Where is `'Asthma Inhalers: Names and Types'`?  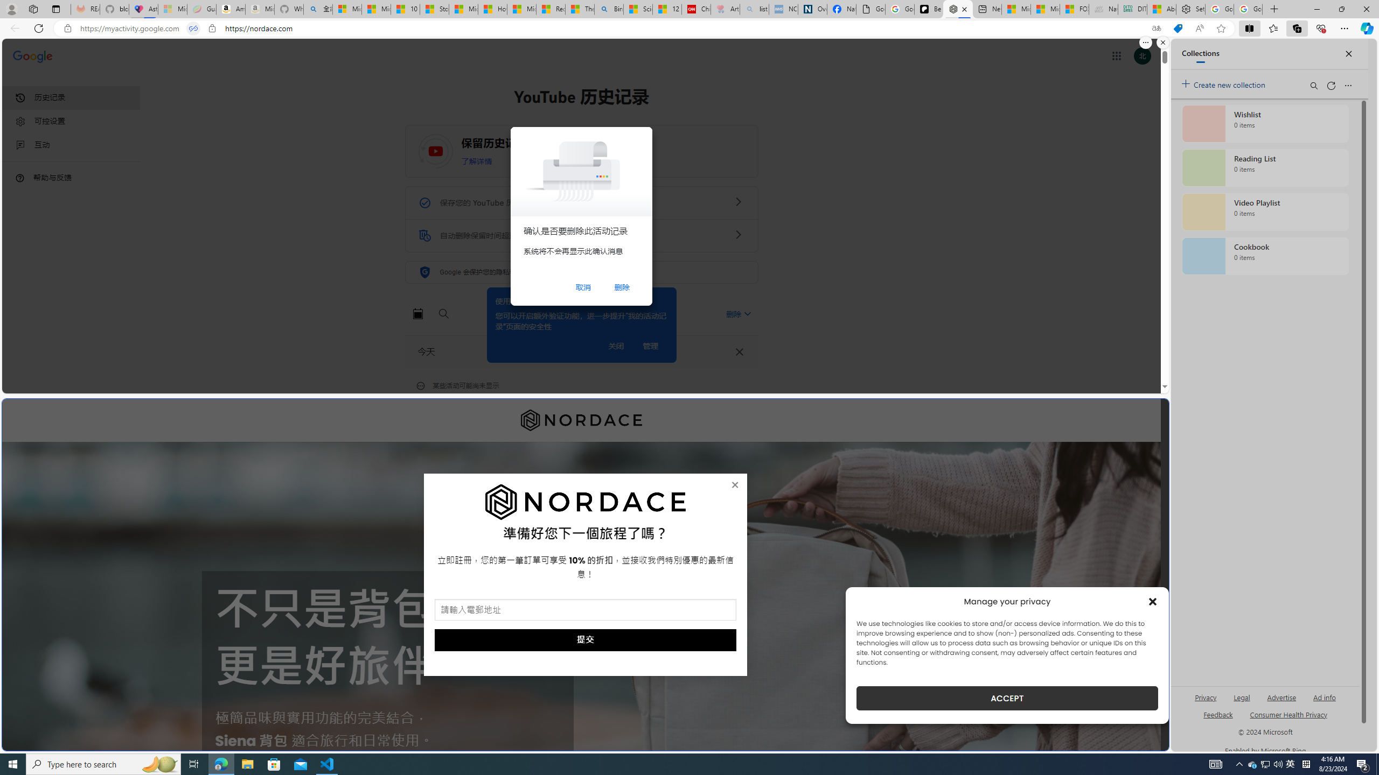
'Asthma Inhalers: Names and Types' is located at coordinates (143, 9).